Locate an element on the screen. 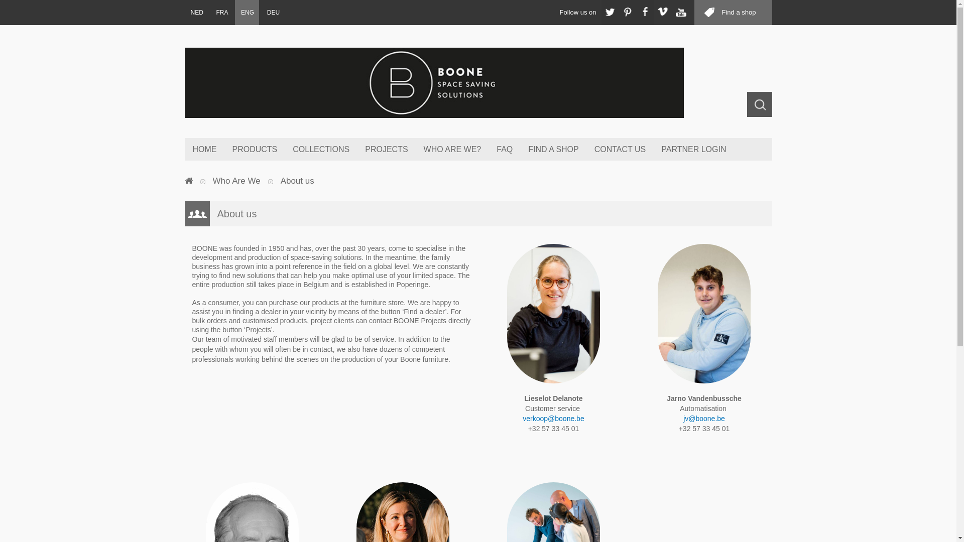  'NED' is located at coordinates (196, 12).